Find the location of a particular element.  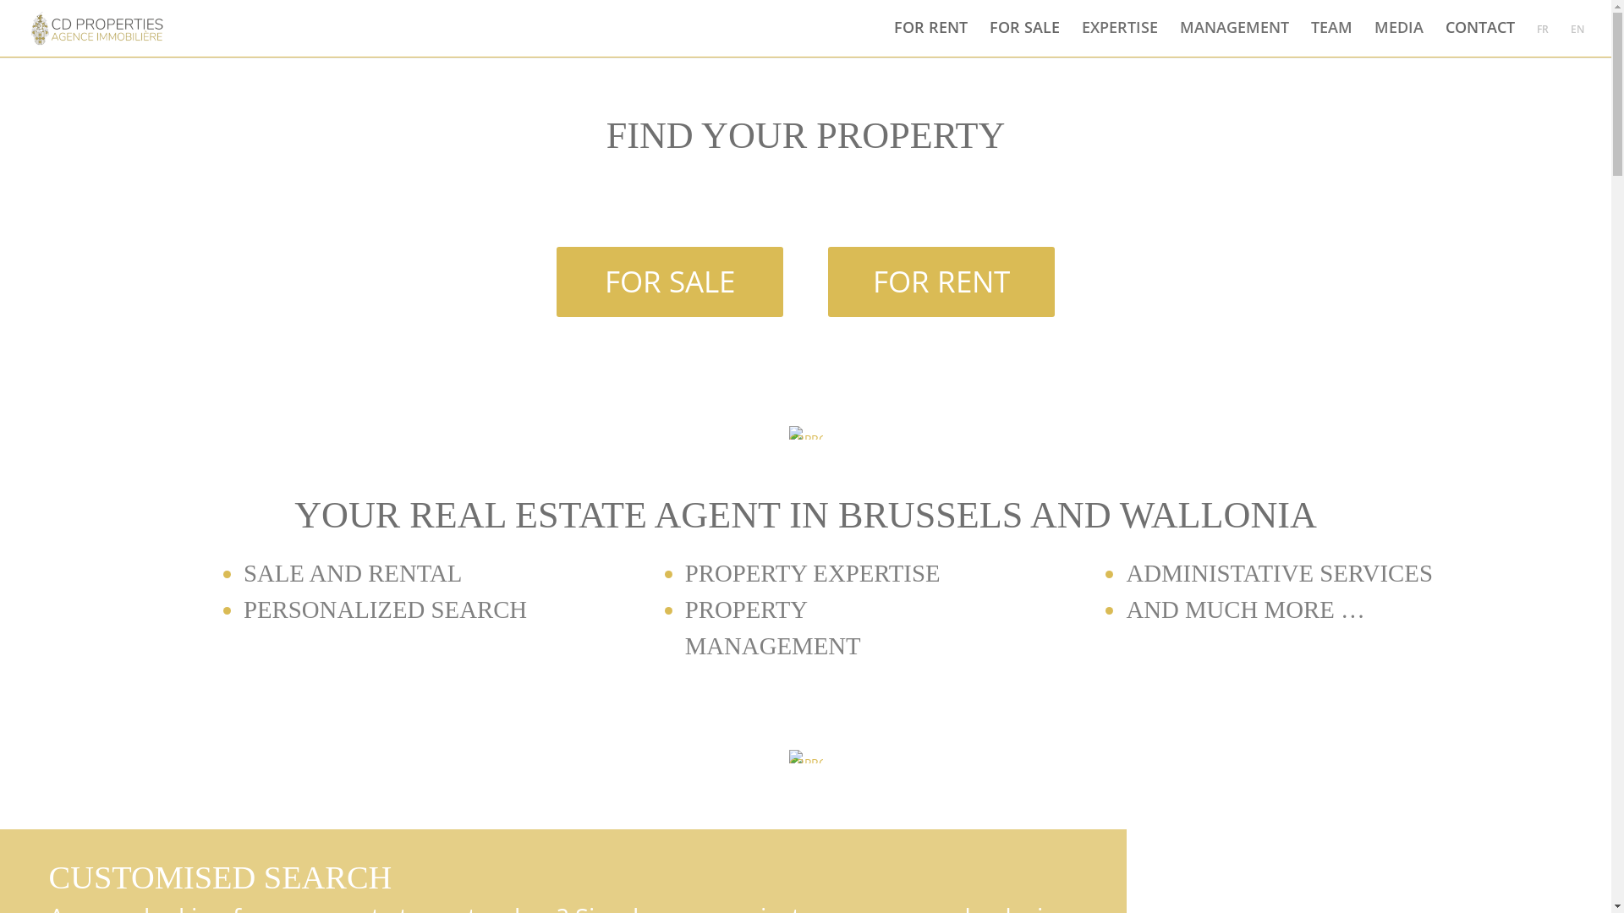

'FOR RENT' is located at coordinates (930, 37).